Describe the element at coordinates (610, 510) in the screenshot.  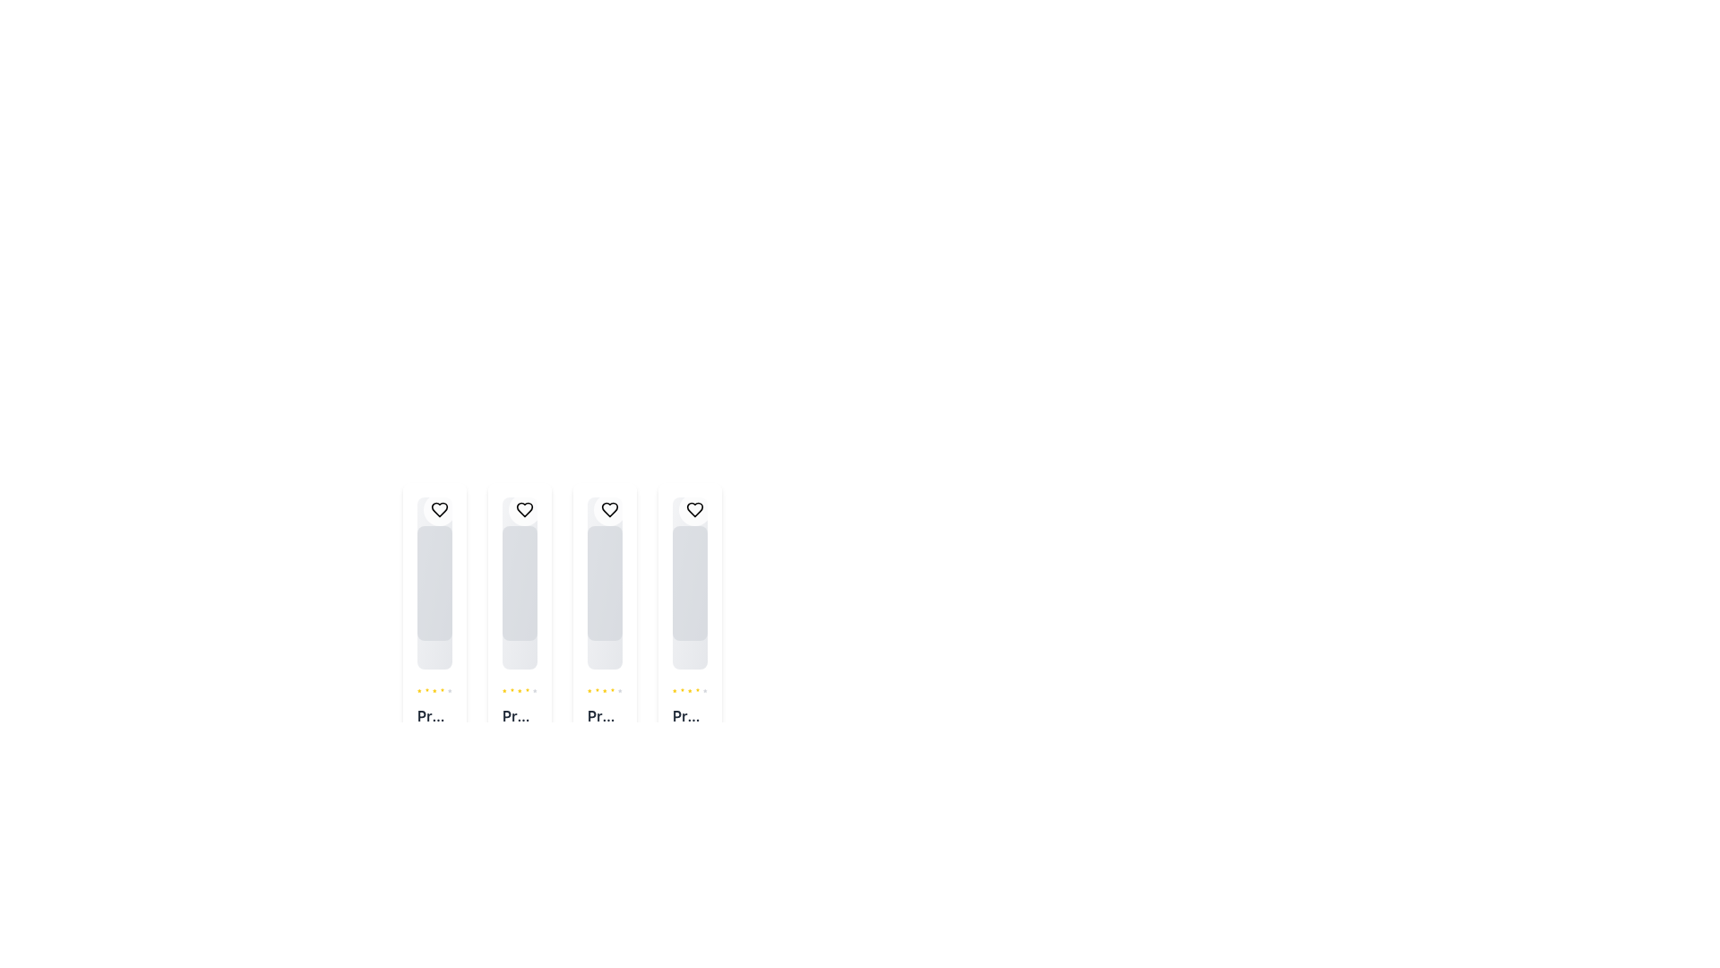
I see `the heart icon in the top-right corner of the product card` at that location.